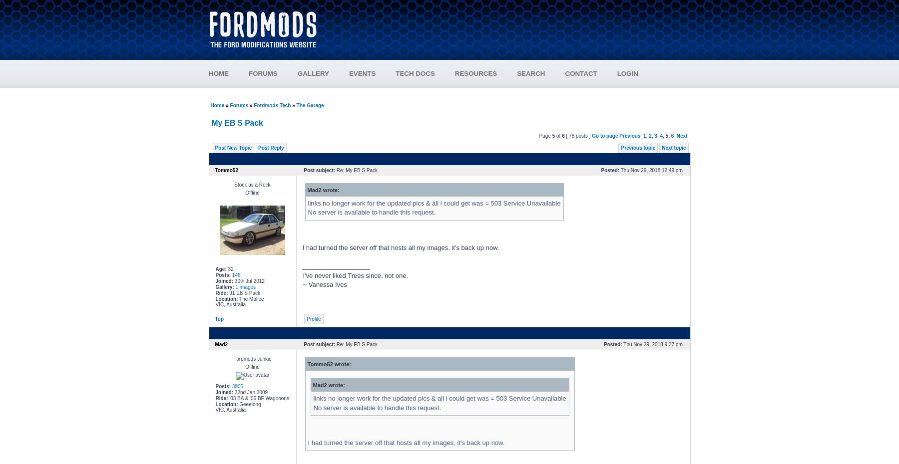 The width and height of the screenshot is (899, 464). I want to click on ''03 BA & '06 BF Wagooons', so click(257, 398).